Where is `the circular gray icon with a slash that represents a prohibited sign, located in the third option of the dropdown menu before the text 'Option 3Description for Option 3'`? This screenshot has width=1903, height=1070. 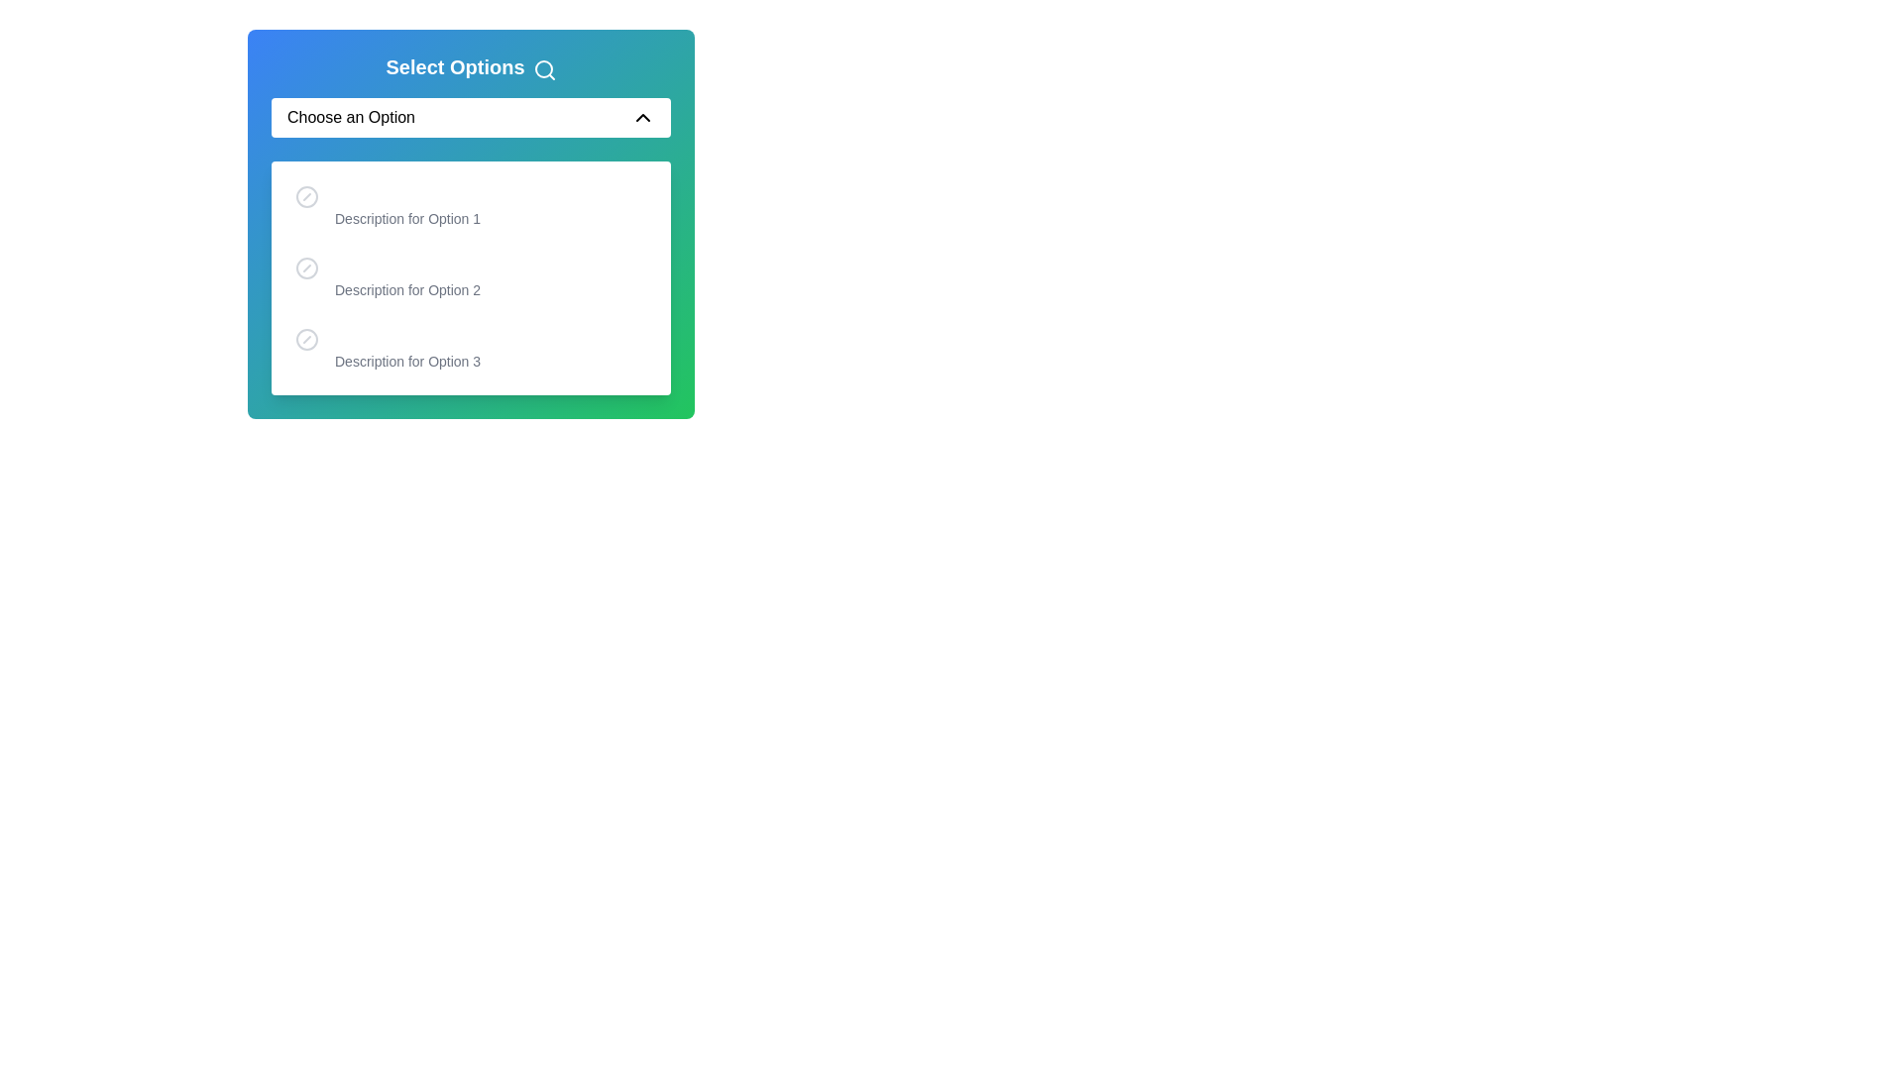
the circular gray icon with a slash that represents a prohibited sign, located in the third option of the dropdown menu before the text 'Option 3Description for Option 3' is located at coordinates (306, 338).